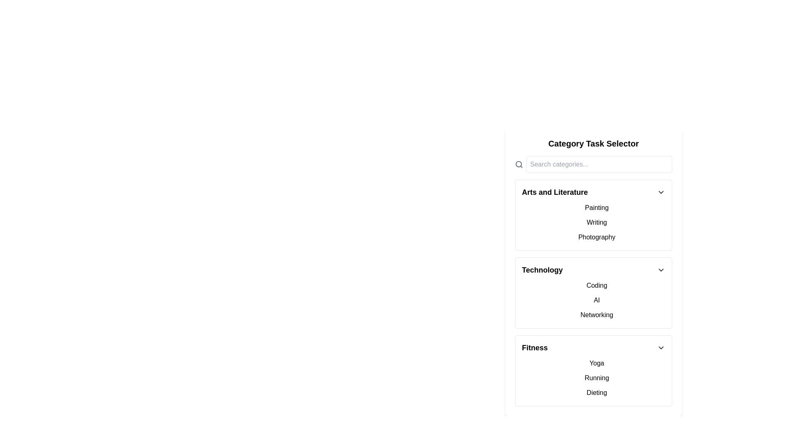  I want to click on the decorative circle representing the lens of the magnifying glass in the search icon located near the top left corner of the right-hand panel labeled 'Category Task Selector', so click(518, 164).